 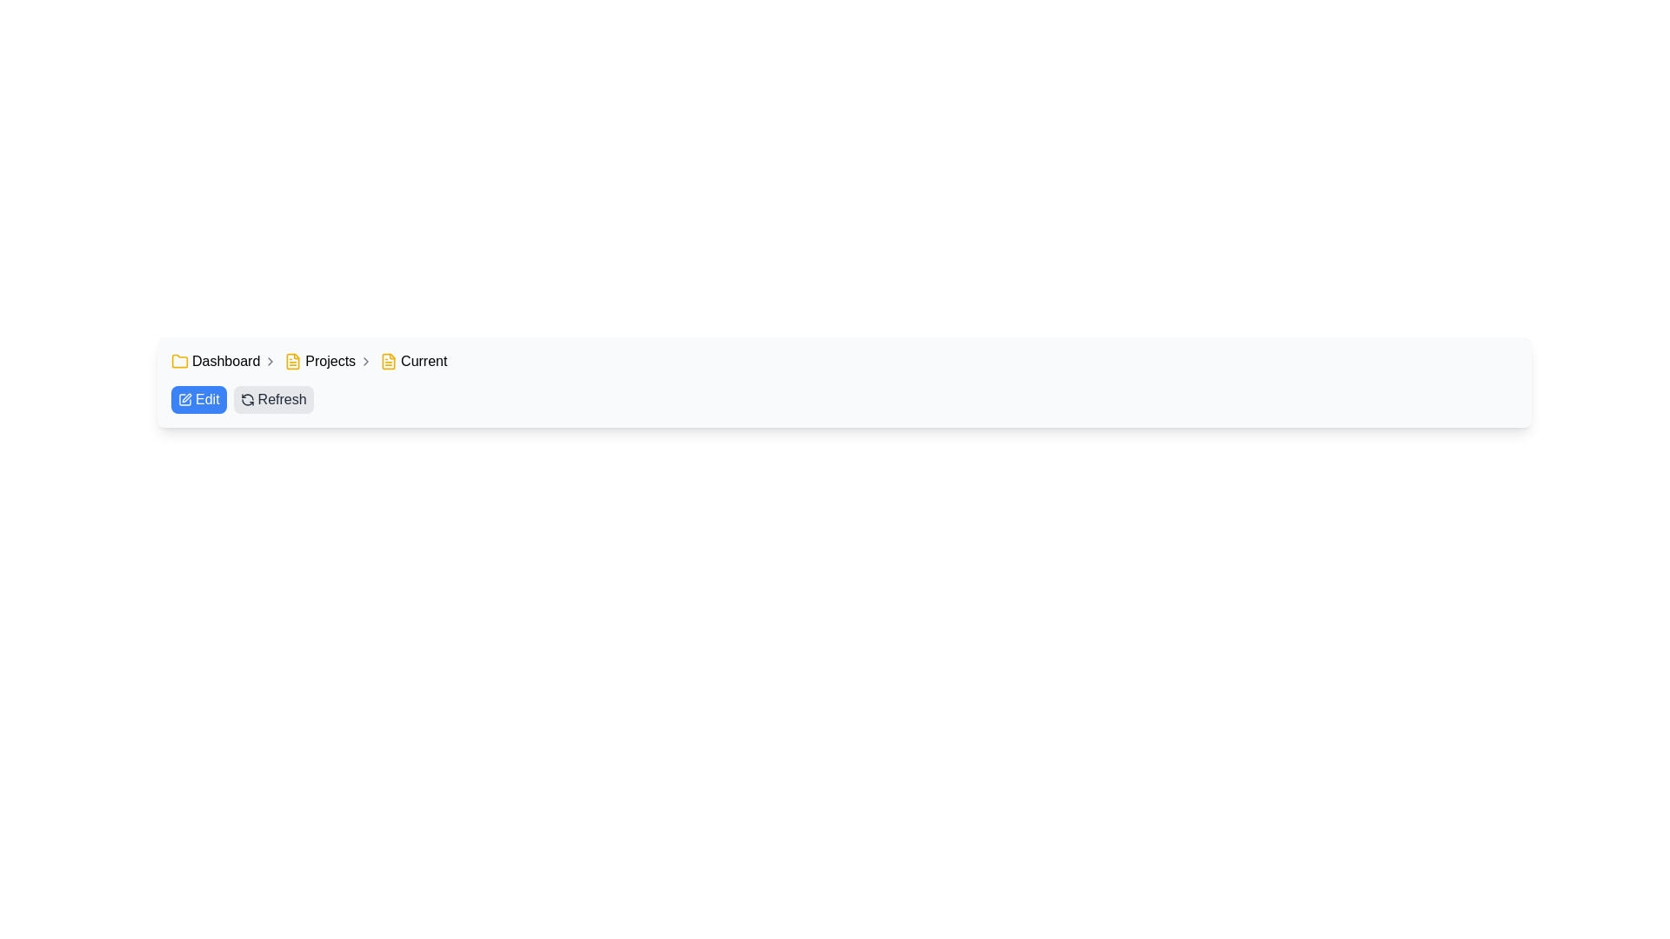 I want to click on the third breadcrumb item in the navigation bar, which indicates the current section within the application's hierarchy, so click(x=412, y=361).